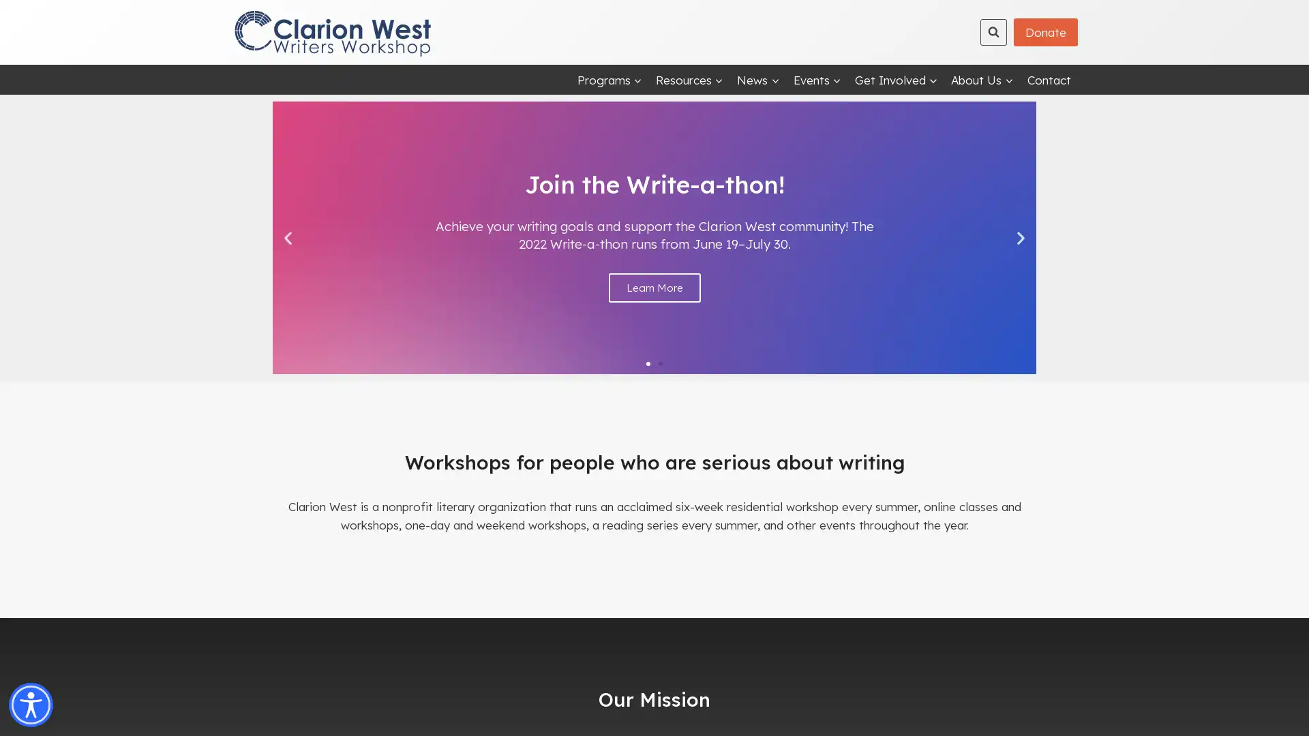  I want to click on Next slide, so click(1021, 236).